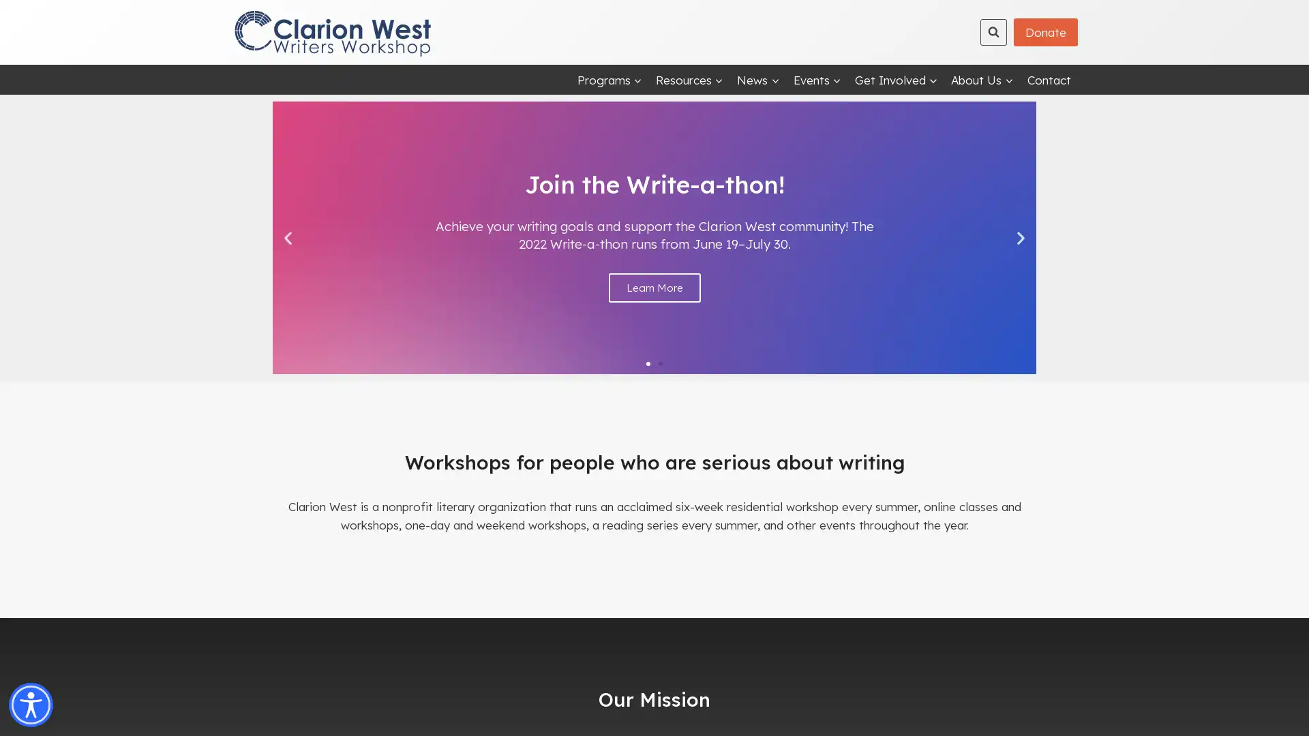  I want to click on Next slide, so click(1021, 236).